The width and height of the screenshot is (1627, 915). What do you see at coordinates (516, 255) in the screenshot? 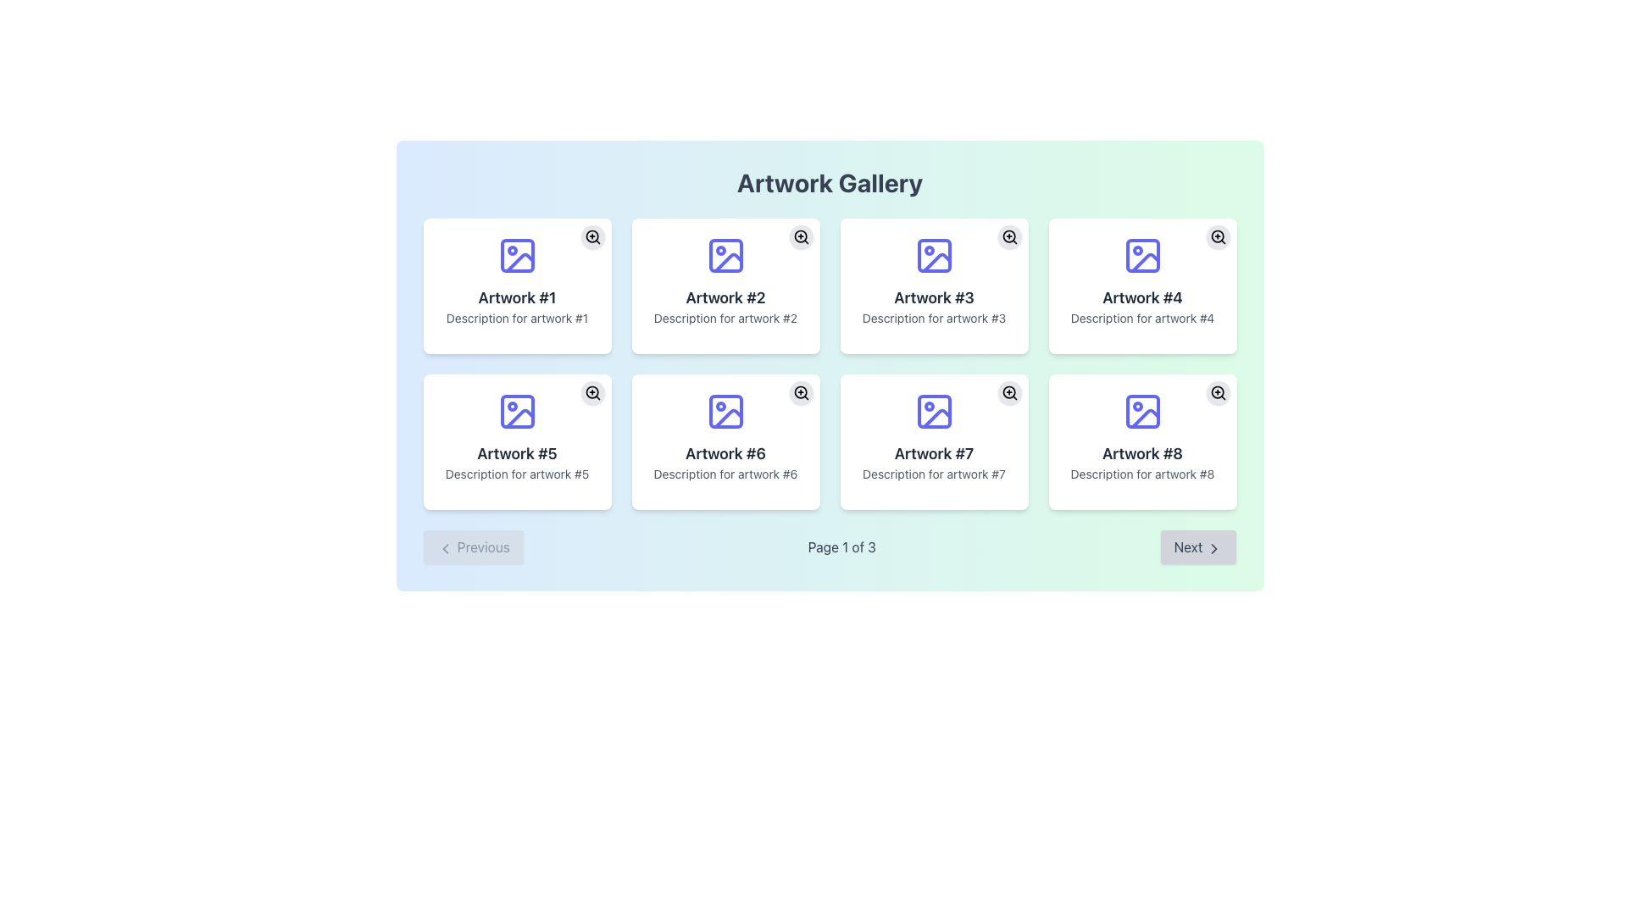
I see `the blue image outline icon with a rounded corner and a small circular indicator located above the title 'Artwork #1' in the top center of the gallery grid` at bounding box center [516, 255].